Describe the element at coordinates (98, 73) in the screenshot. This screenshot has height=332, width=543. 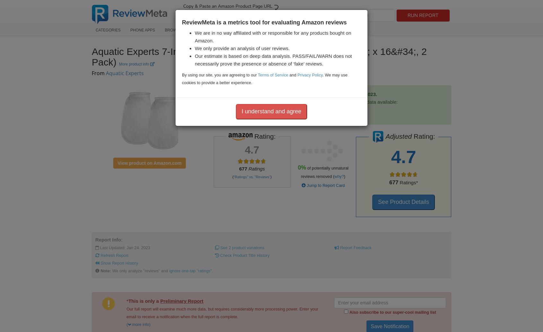
I see `'From'` at that location.